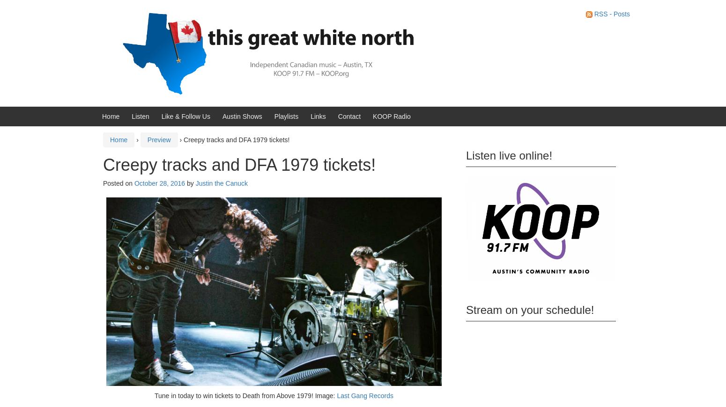  What do you see at coordinates (509, 155) in the screenshot?
I see `'Listen live online!'` at bounding box center [509, 155].